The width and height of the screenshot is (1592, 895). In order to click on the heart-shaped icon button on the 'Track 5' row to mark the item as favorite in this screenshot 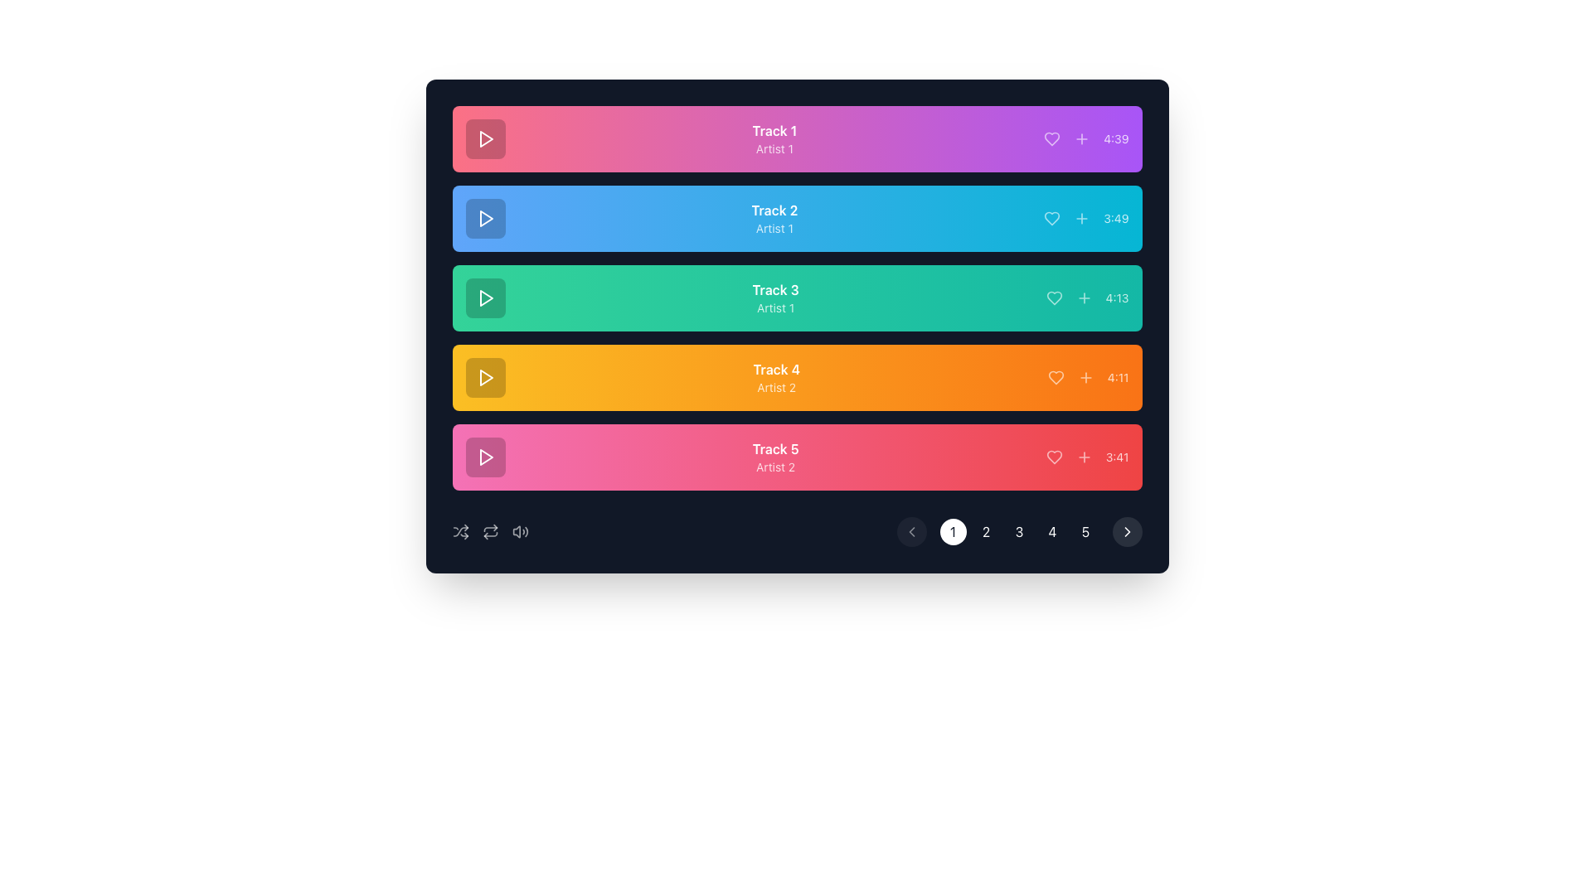, I will do `click(1053, 457)`.